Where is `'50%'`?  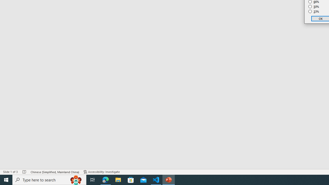
'50%' is located at coordinates (314, 6).